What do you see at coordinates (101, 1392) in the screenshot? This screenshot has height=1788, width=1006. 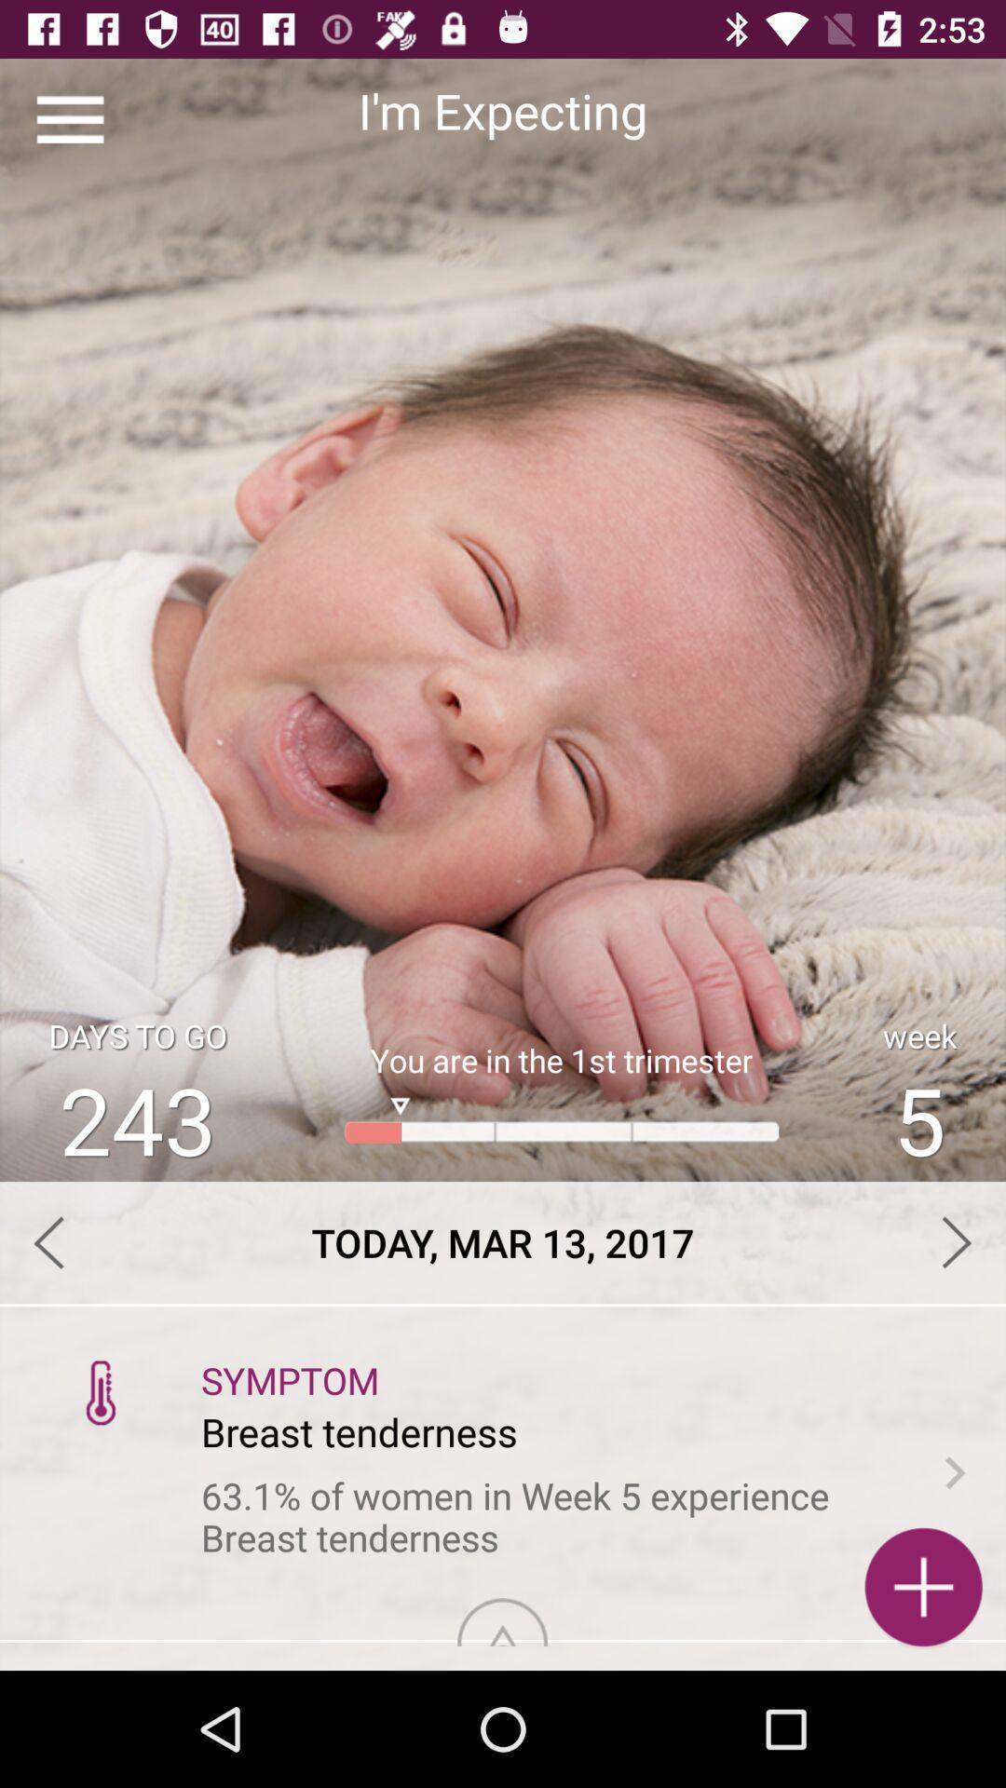 I see `the icon next to symptom` at bounding box center [101, 1392].